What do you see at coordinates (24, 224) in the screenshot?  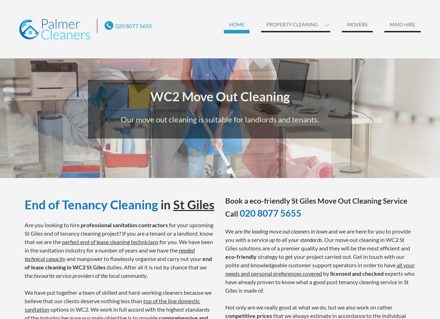 I see `'Are you looking to hire'` at bounding box center [24, 224].